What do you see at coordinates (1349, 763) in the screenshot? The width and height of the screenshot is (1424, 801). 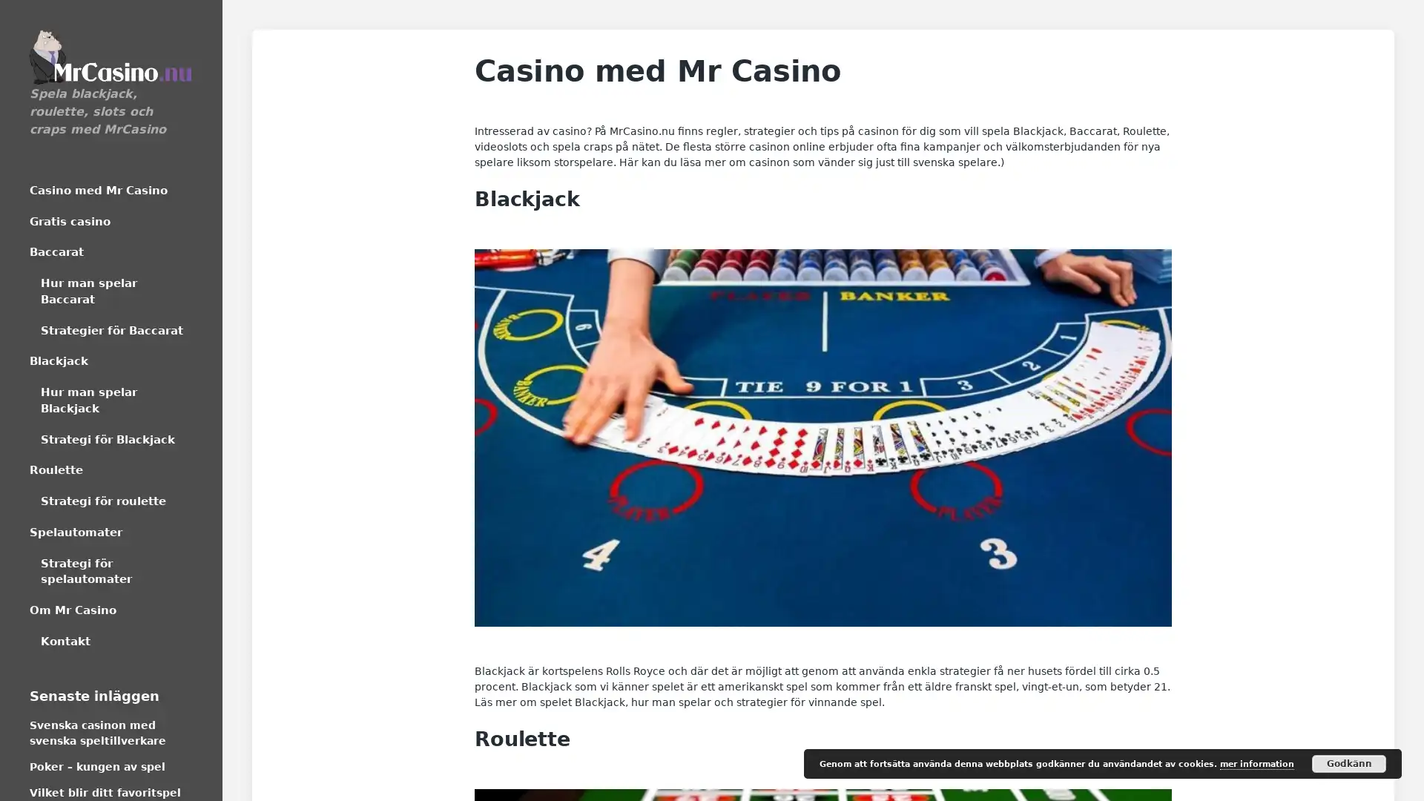 I see `Godkann` at bounding box center [1349, 763].